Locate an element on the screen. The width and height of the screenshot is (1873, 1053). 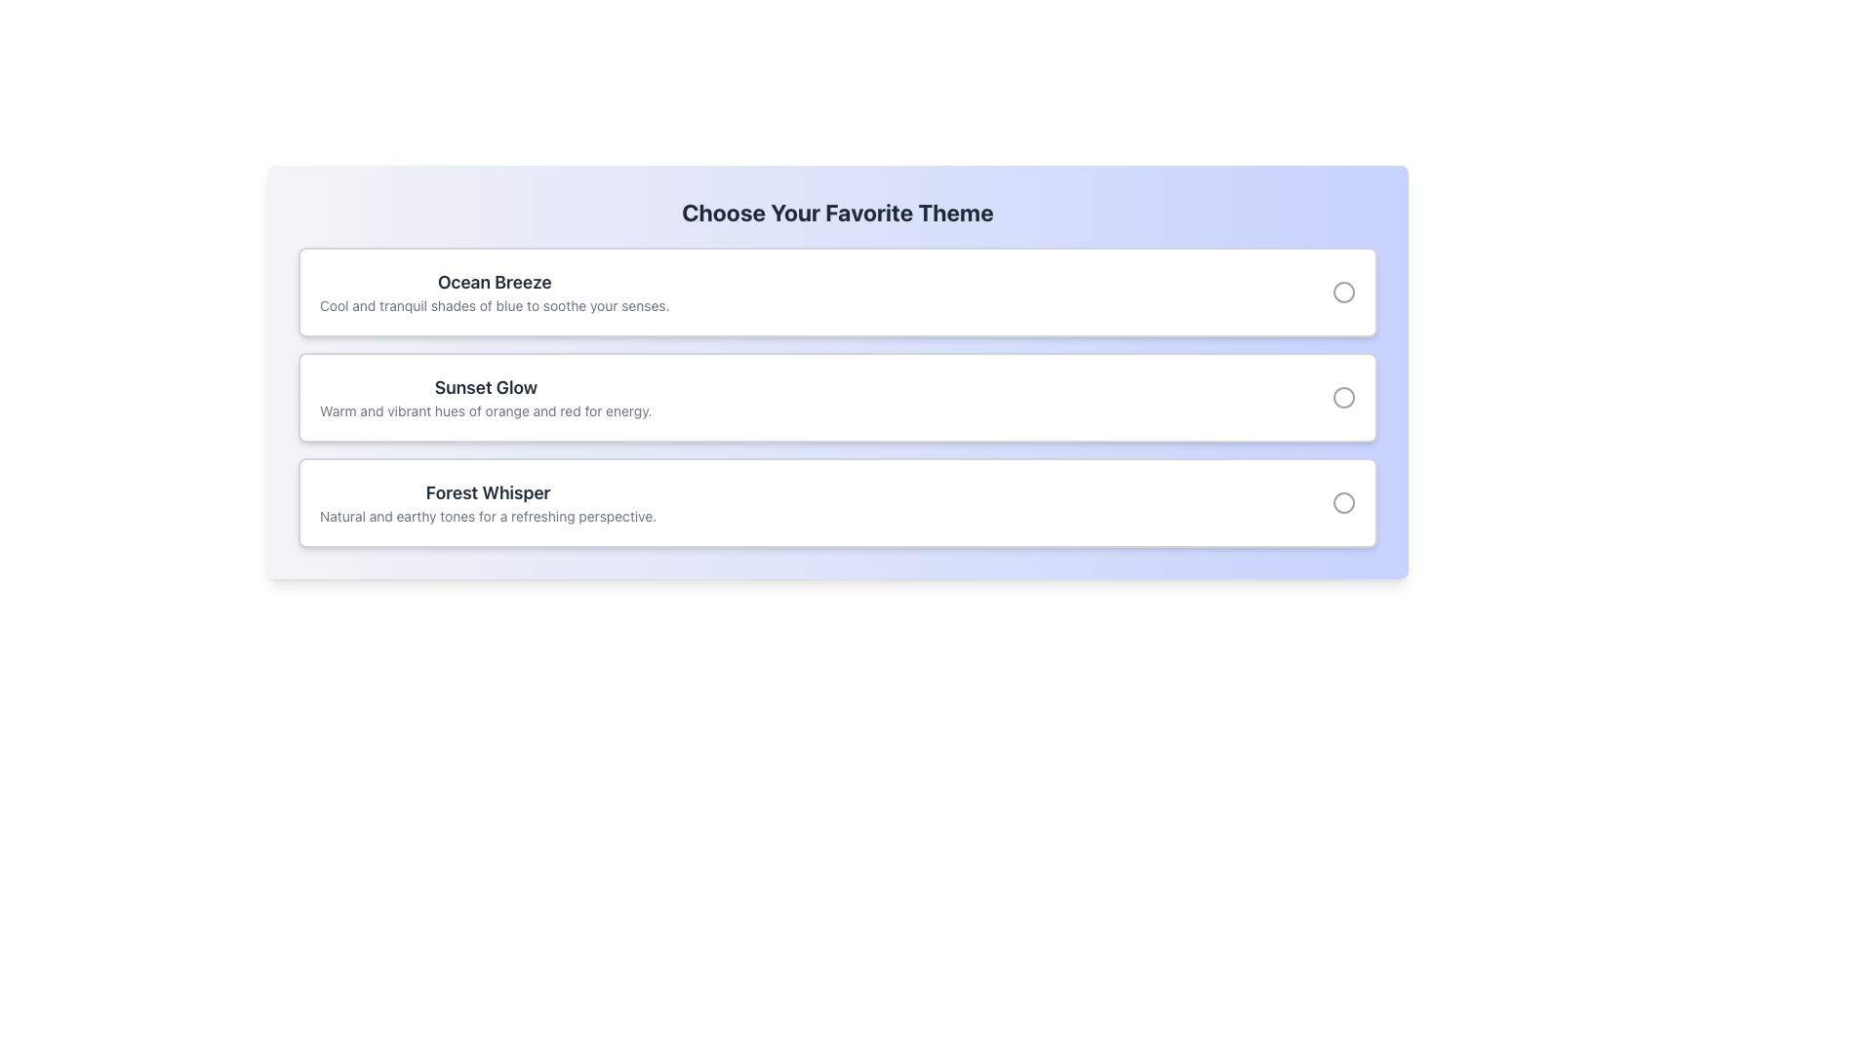
the radio button located on the right side of the text 'Ocean Breeze' is located at coordinates (1342, 292).